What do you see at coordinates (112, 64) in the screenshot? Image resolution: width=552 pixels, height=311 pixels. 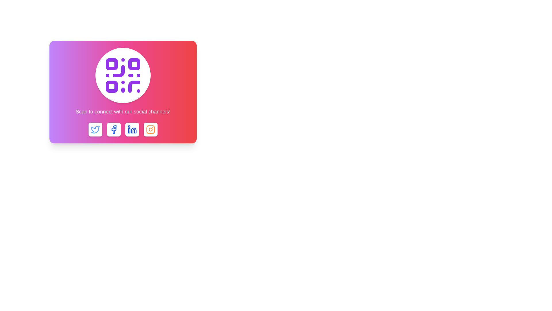 I see `the decorative graphical element that is the top-left square of the QR code icon` at bounding box center [112, 64].